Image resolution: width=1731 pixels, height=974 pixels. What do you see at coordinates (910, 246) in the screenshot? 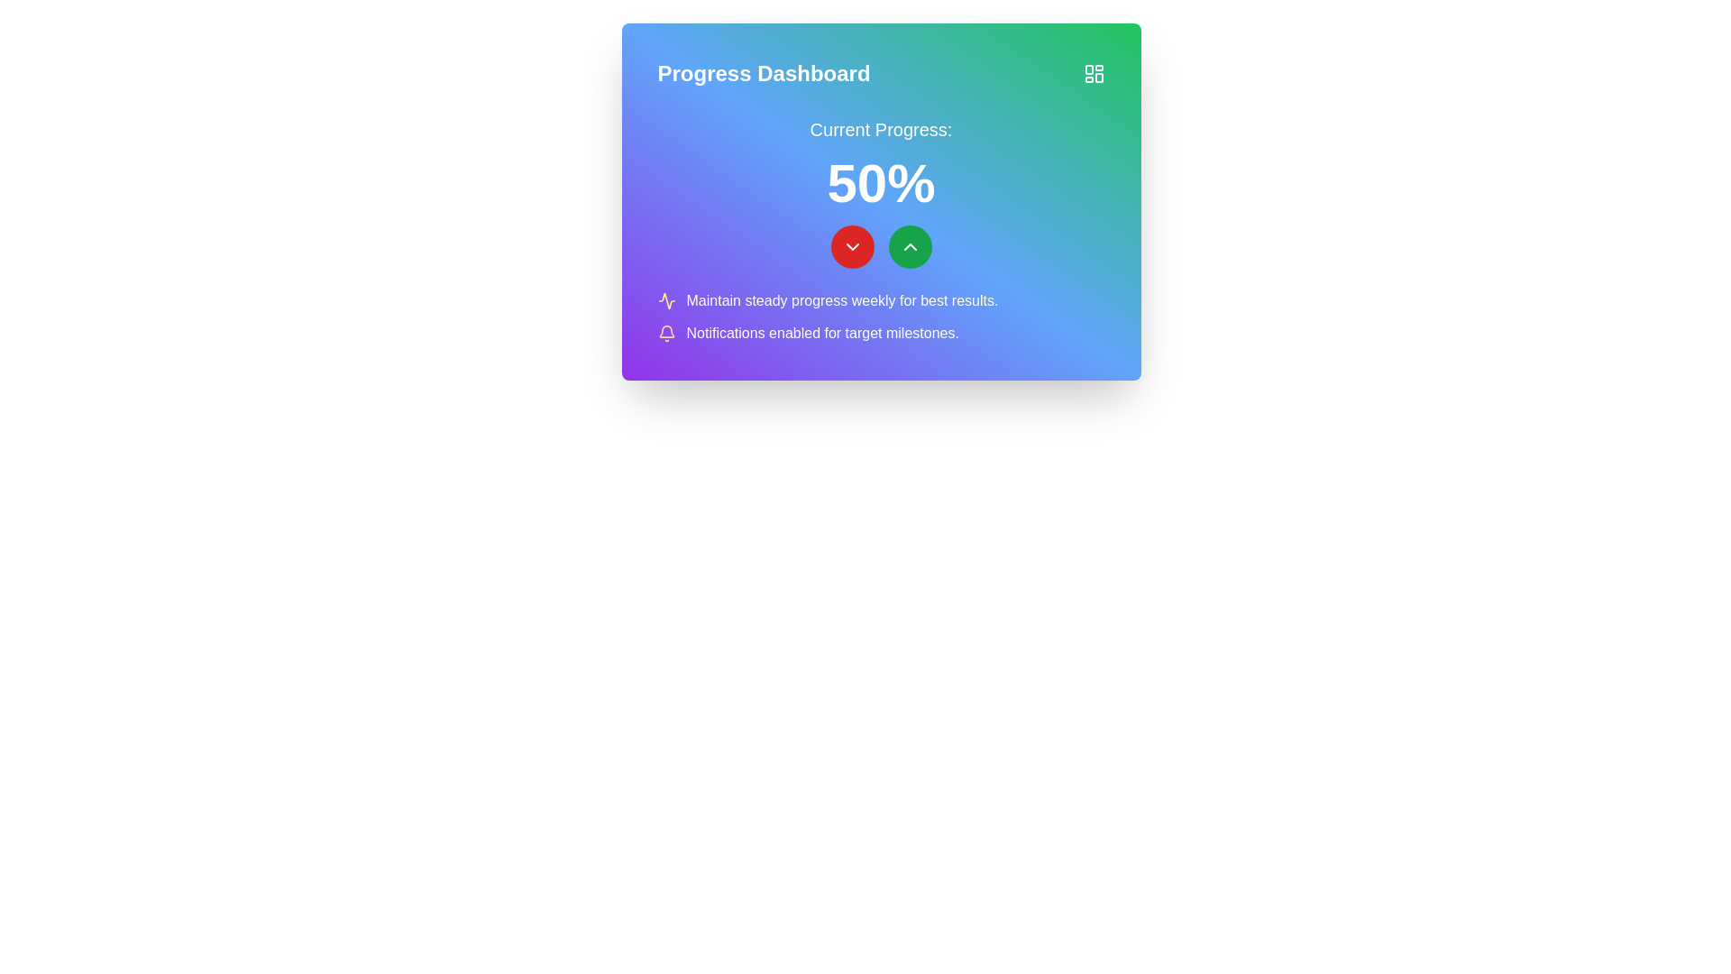
I see `the circular green button with an upward-pointing white chevron icon located within the progress dashboard card, which is the second button from the right among three buttons` at bounding box center [910, 246].